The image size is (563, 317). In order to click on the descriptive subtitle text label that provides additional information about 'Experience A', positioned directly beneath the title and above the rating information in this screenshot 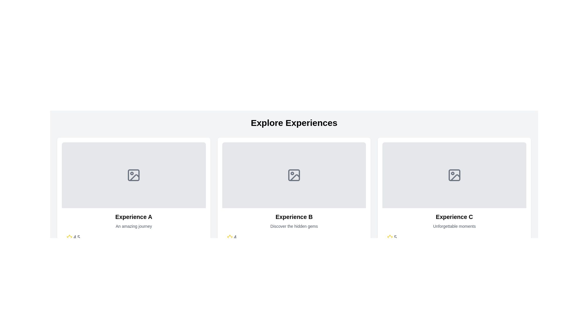, I will do `click(133, 226)`.